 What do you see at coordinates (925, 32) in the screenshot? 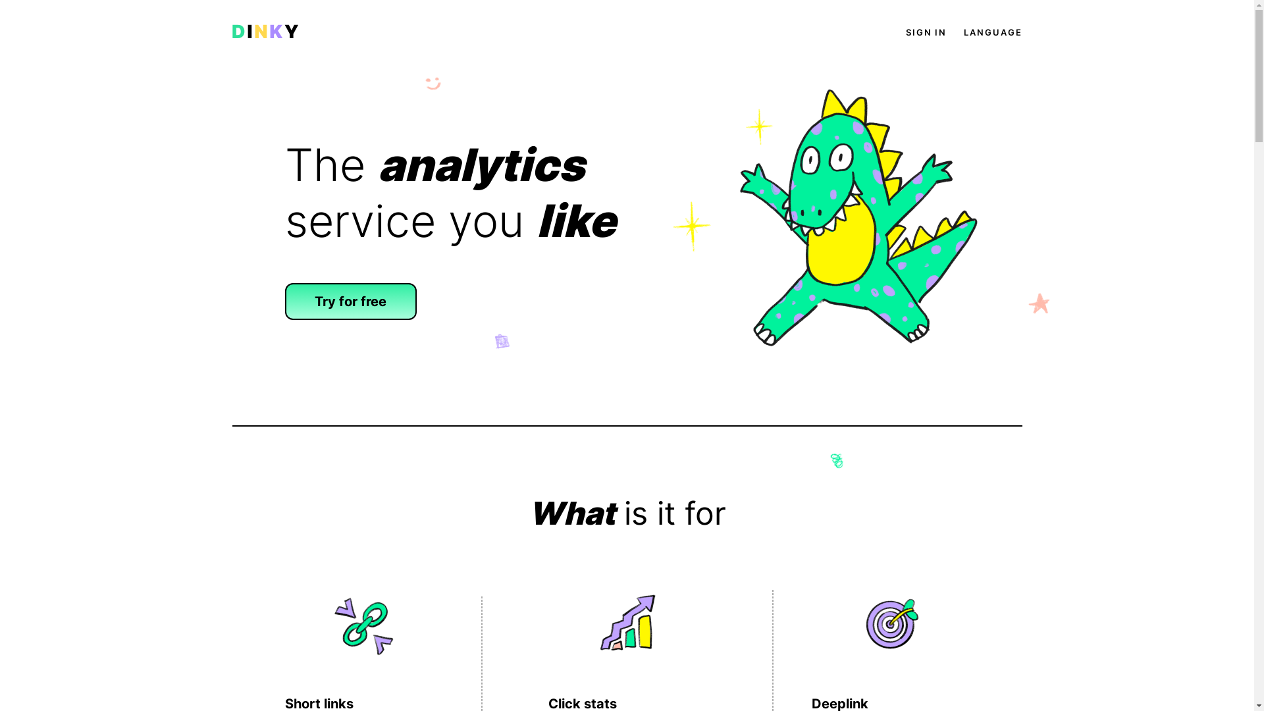
I see `'SIGN IN'` at bounding box center [925, 32].